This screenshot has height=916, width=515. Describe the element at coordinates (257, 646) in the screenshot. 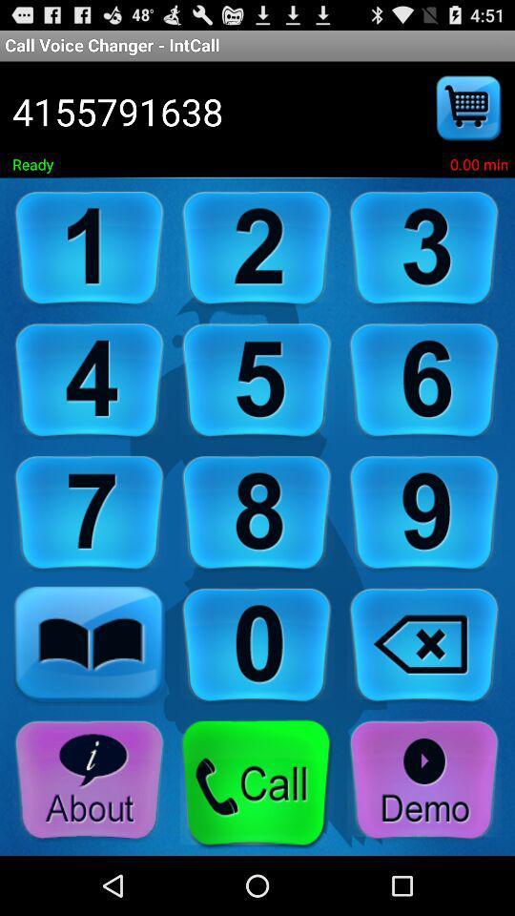

I see `click on 0` at that location.